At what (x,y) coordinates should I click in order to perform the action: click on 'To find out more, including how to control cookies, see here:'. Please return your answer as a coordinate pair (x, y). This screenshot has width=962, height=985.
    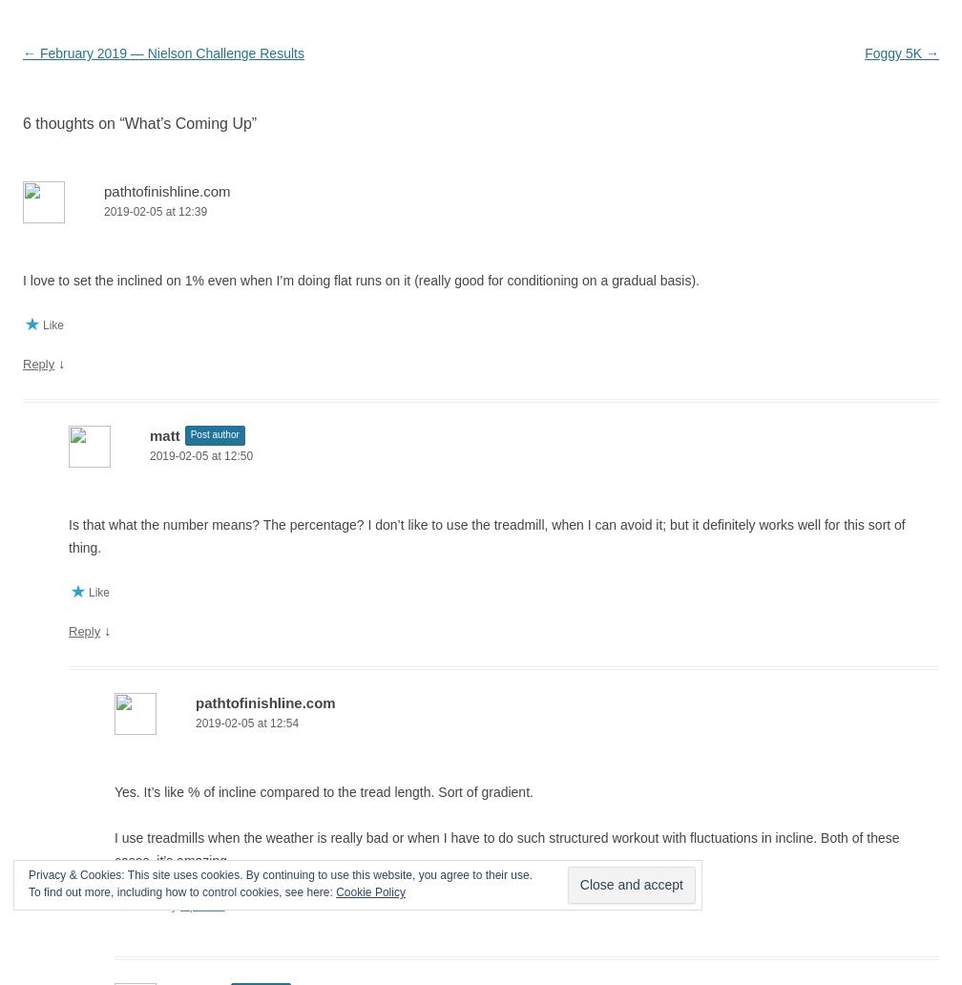
    Looking at the image, I should click on (182, 891).